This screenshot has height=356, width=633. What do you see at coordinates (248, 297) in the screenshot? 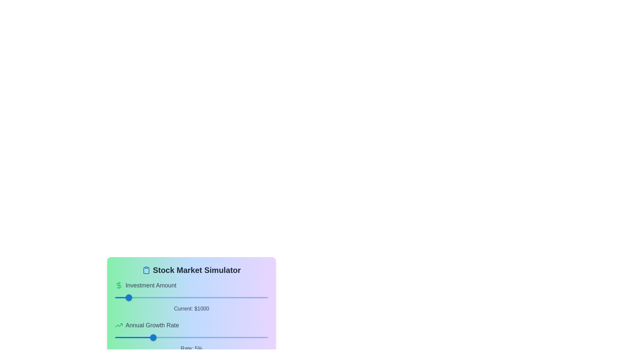
I see `the investment amount` at bounding box center [248, 297].